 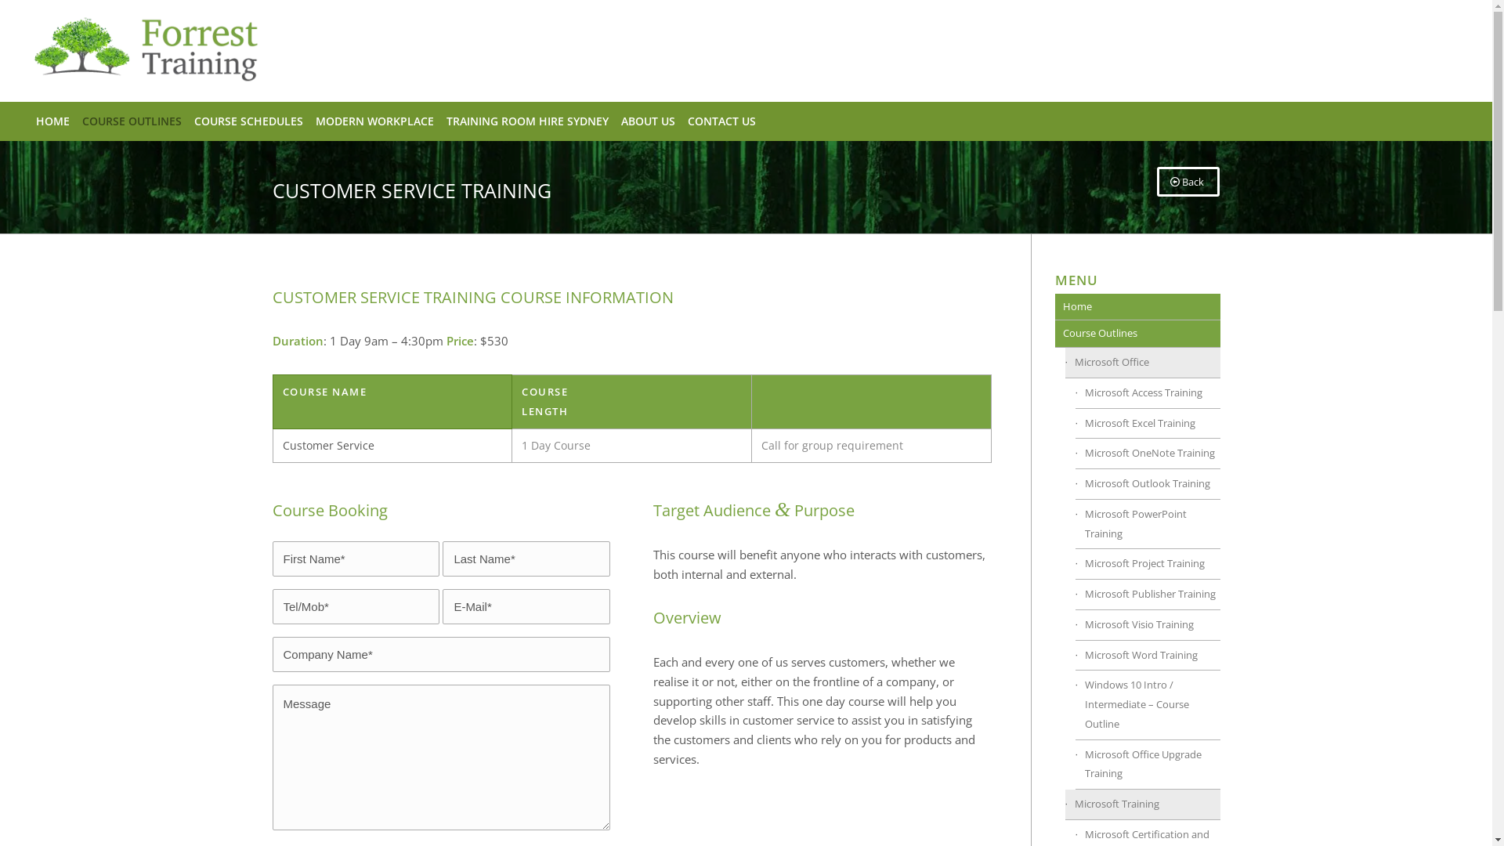 What do you see at coordinates (1147, 764) in the screenshot?
I see `'Microsoft Office Upgrade Training'` at bounding box center [1147, 764].